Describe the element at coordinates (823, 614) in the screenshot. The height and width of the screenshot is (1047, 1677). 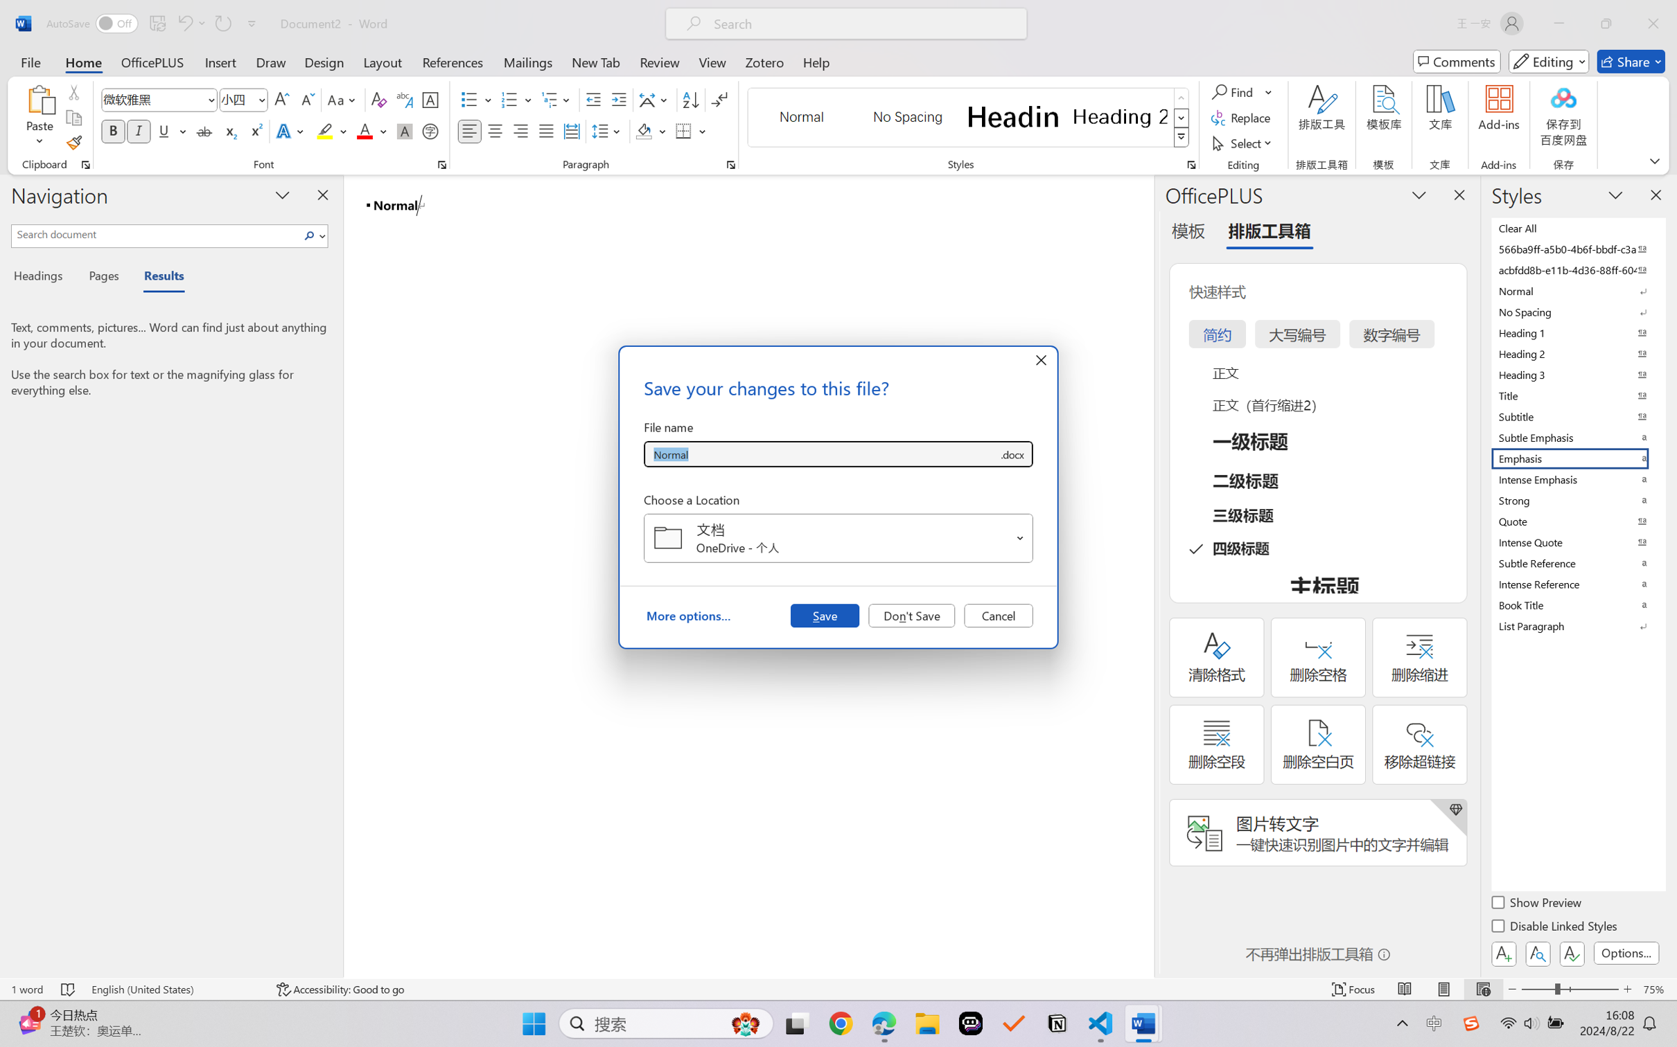
I see `'Save'` at that location.